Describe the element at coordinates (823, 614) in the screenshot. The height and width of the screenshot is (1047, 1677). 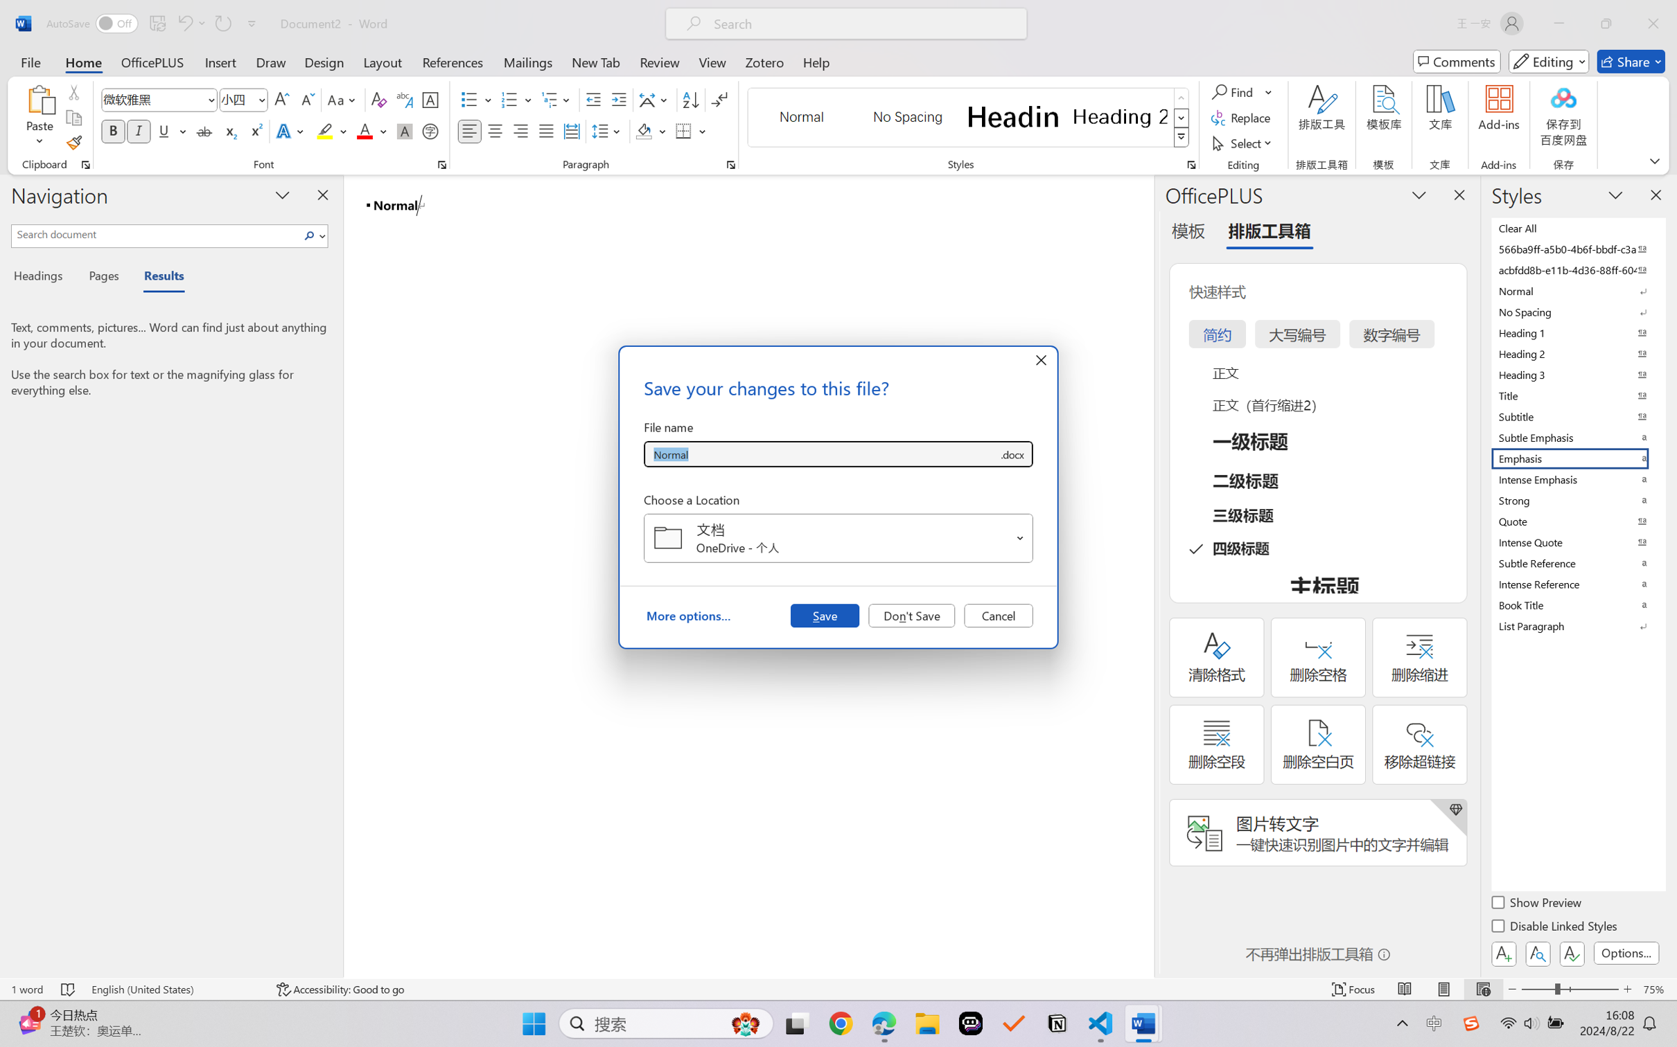
I see `'Save'` at that location.